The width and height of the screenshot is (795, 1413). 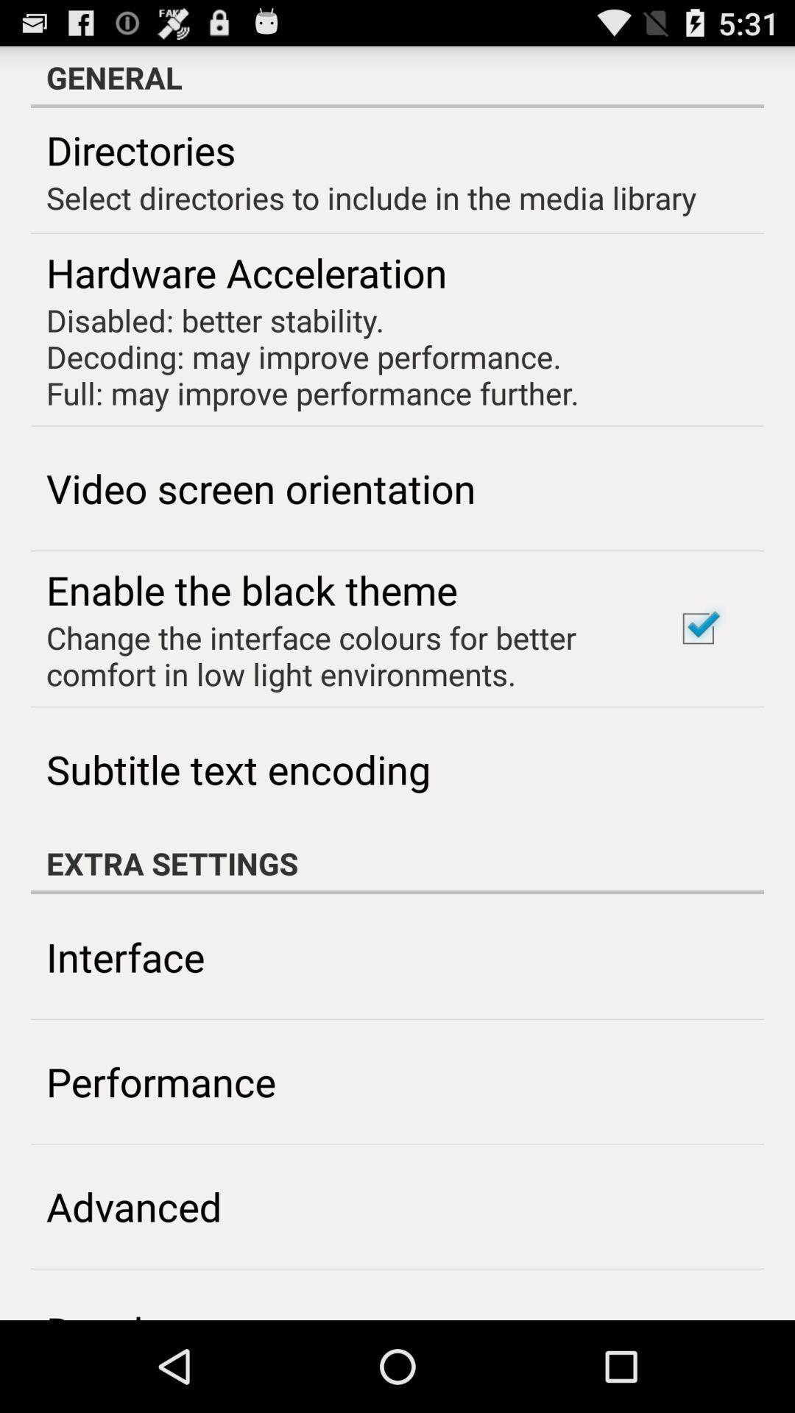 I want to click on the app below the video screen orientation item, so click(x=251, y=589).